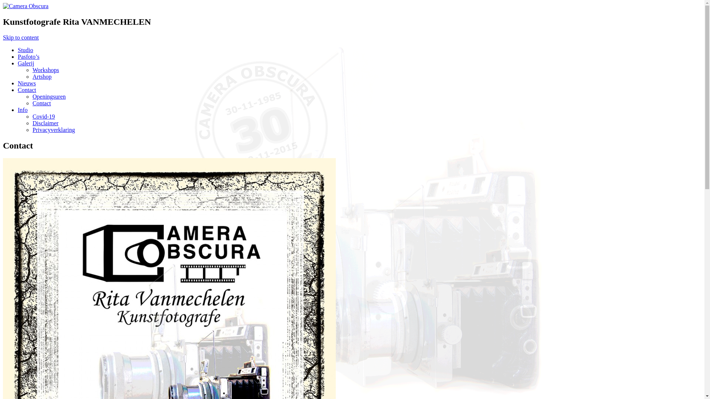 This screenshot has height=399, width=710. What do you see at coordinates (49, 96) in the screenshot?
I see `'Openingsuren'` at bounding box center [49, 96].